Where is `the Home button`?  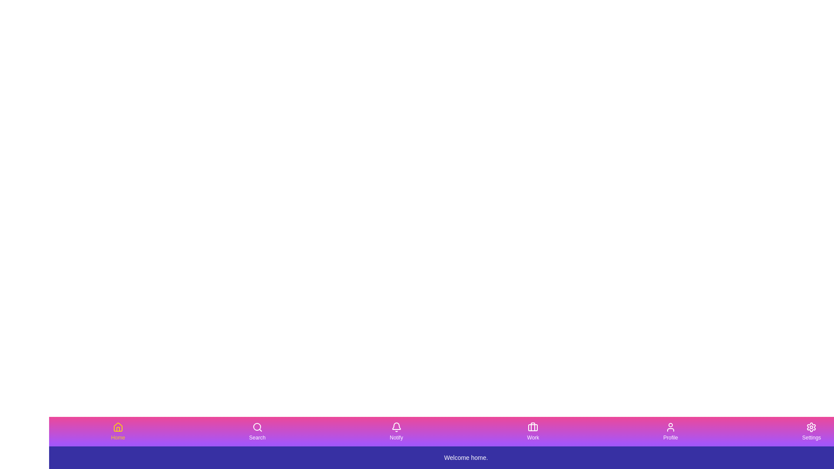
the Home button is located at coordinates (117, 432).